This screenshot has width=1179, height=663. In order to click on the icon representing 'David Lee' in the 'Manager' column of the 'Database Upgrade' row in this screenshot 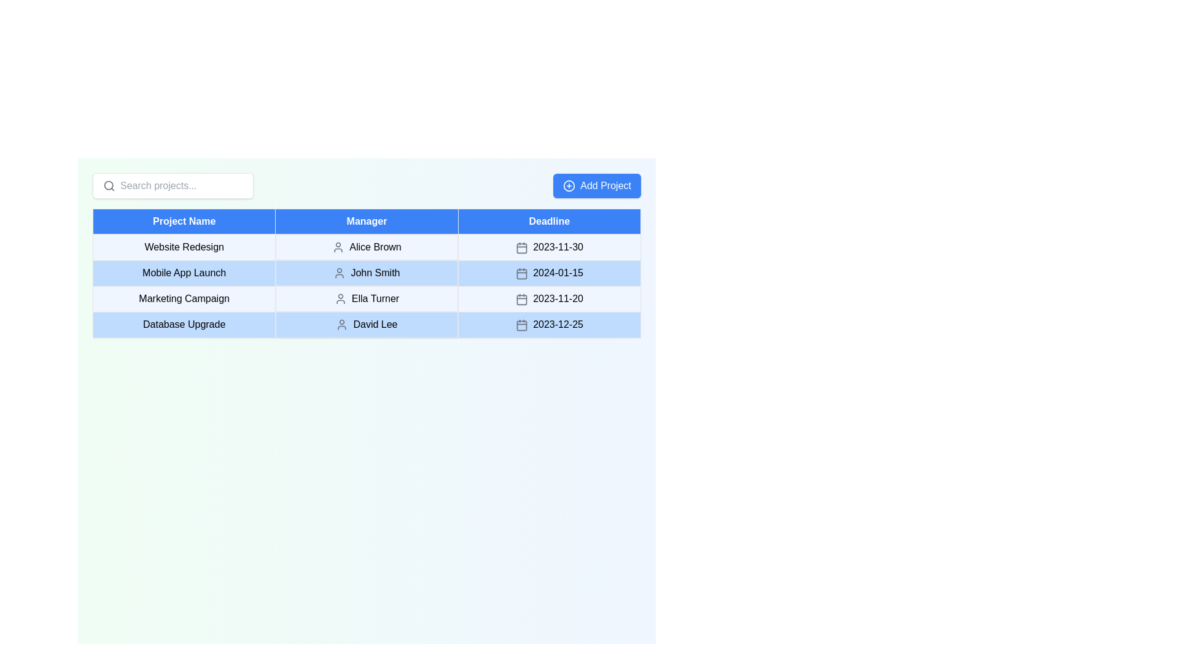, I will do `click(342, 324)`.